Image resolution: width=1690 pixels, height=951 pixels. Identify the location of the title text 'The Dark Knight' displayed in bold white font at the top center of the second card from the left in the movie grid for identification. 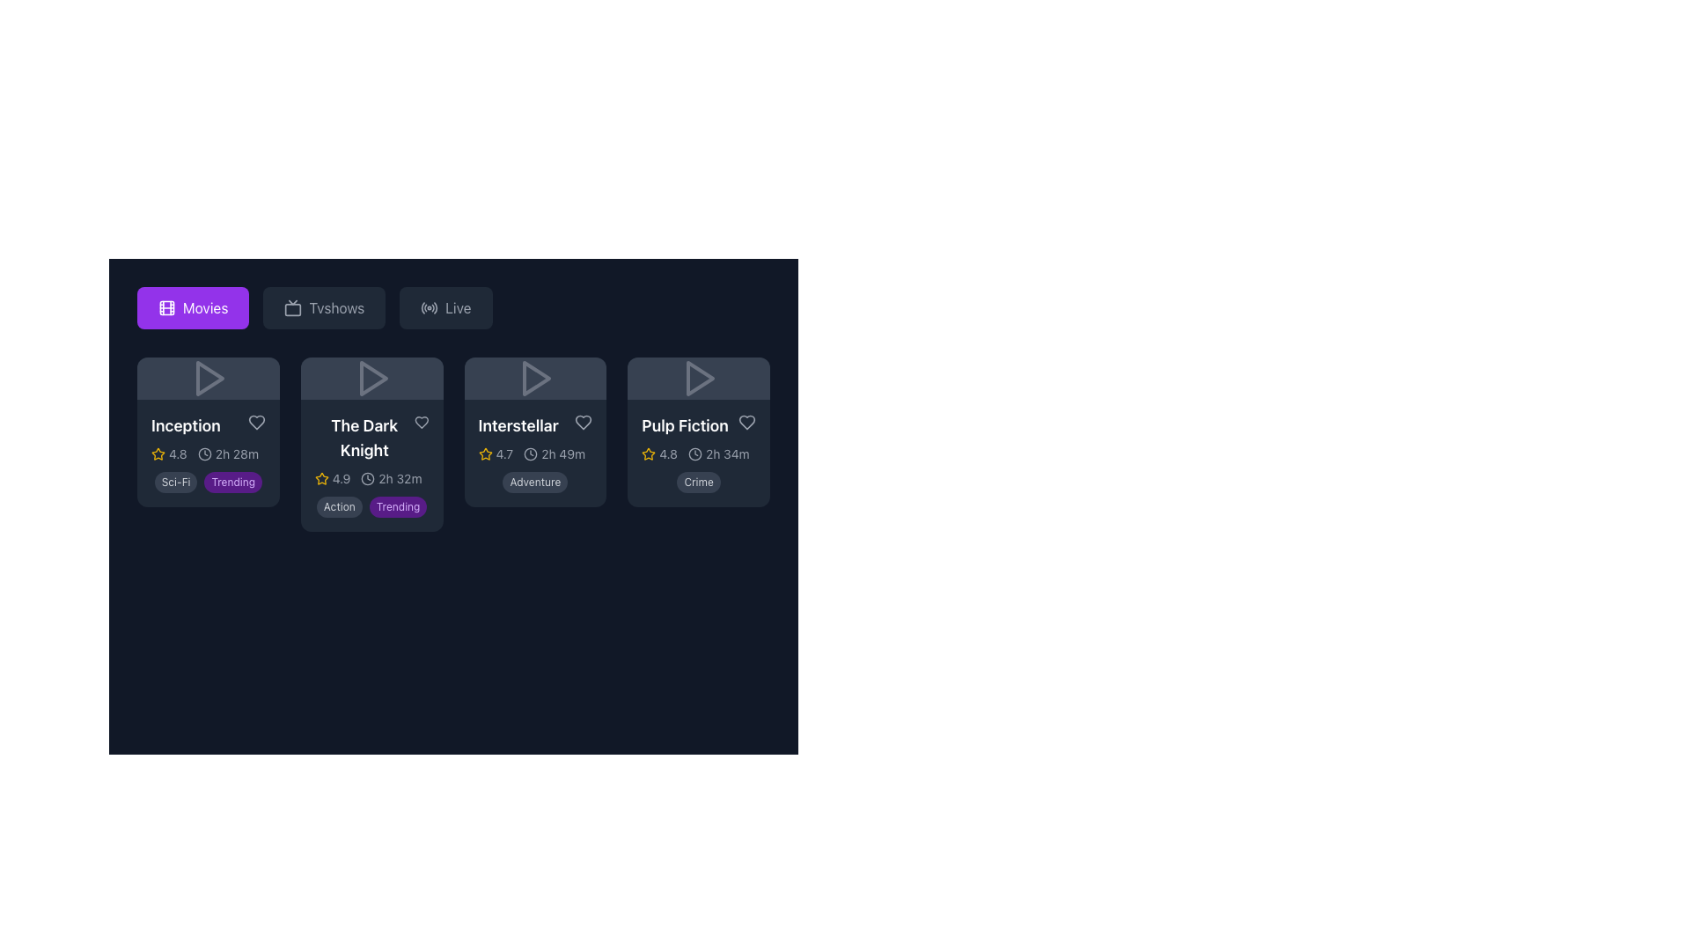
(371, 437).